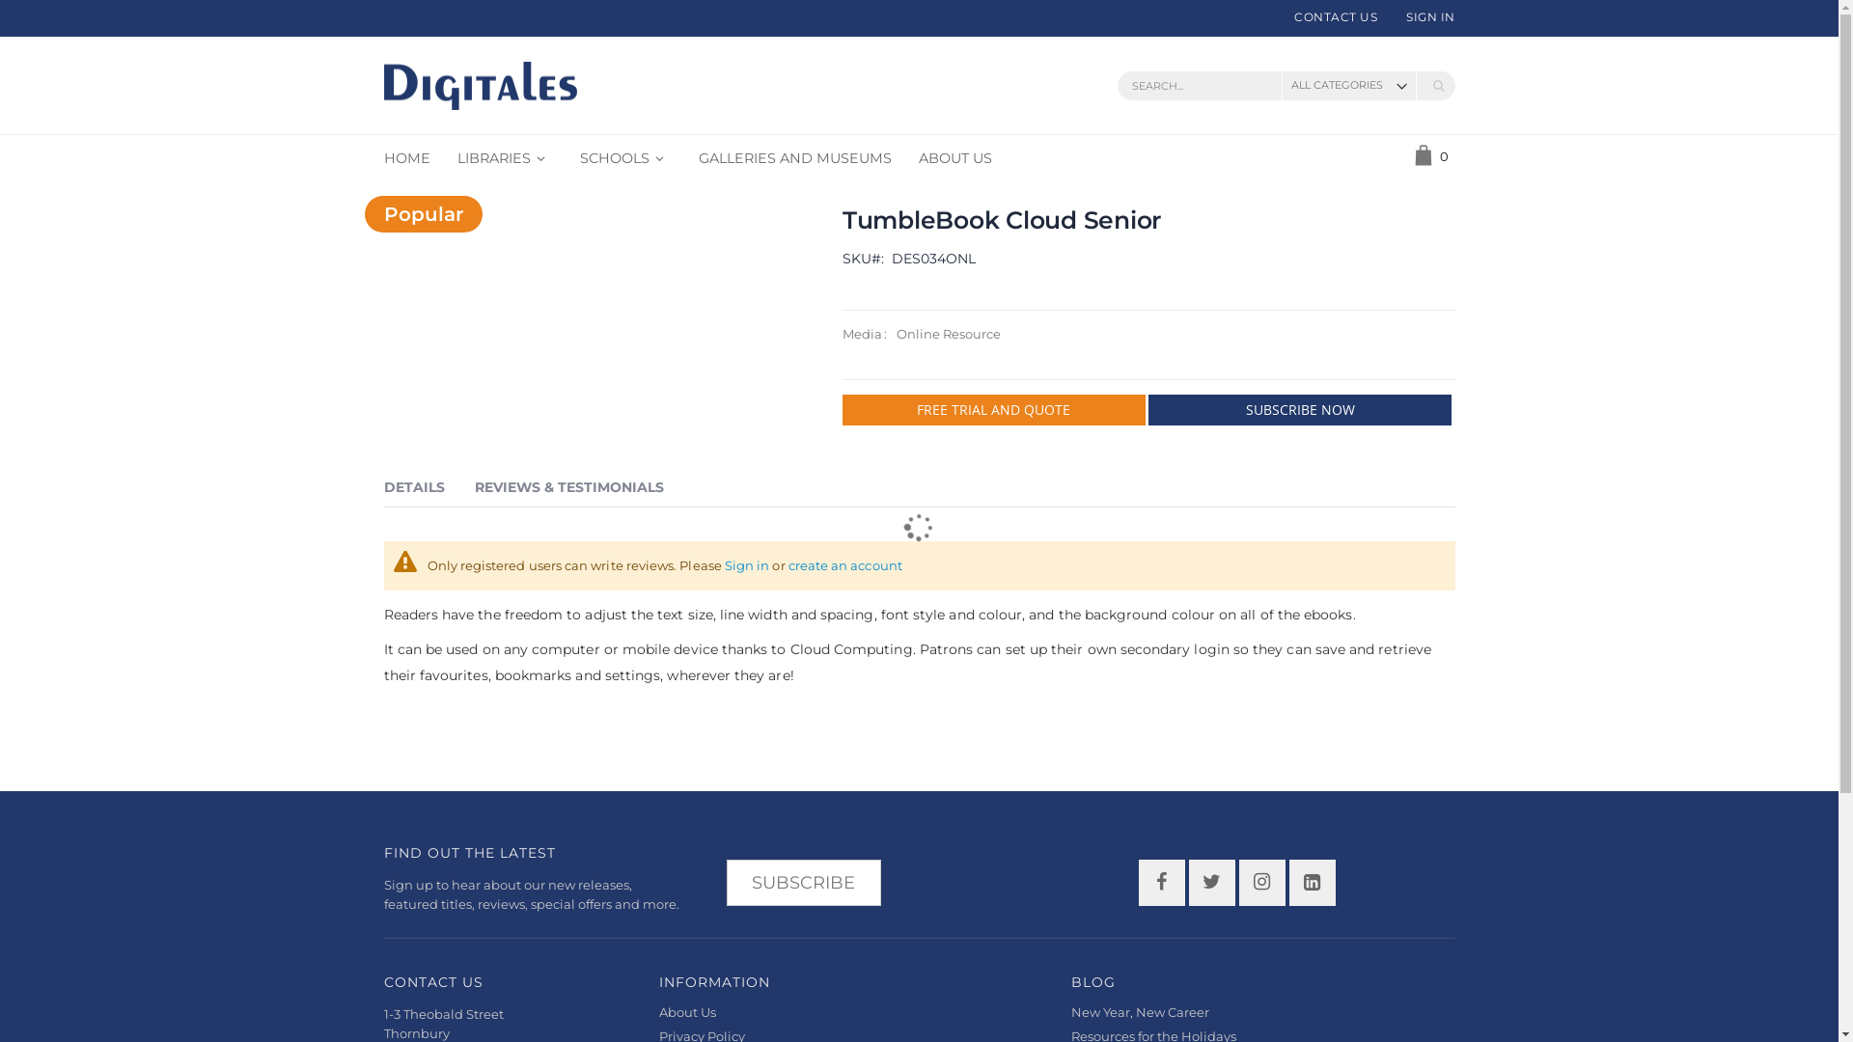 The image size is (1853, 1042). What do you see at coordinates (505, 157) in the screenshot?
I see `'LIBRARIES'` at bounding box center [505, 157].